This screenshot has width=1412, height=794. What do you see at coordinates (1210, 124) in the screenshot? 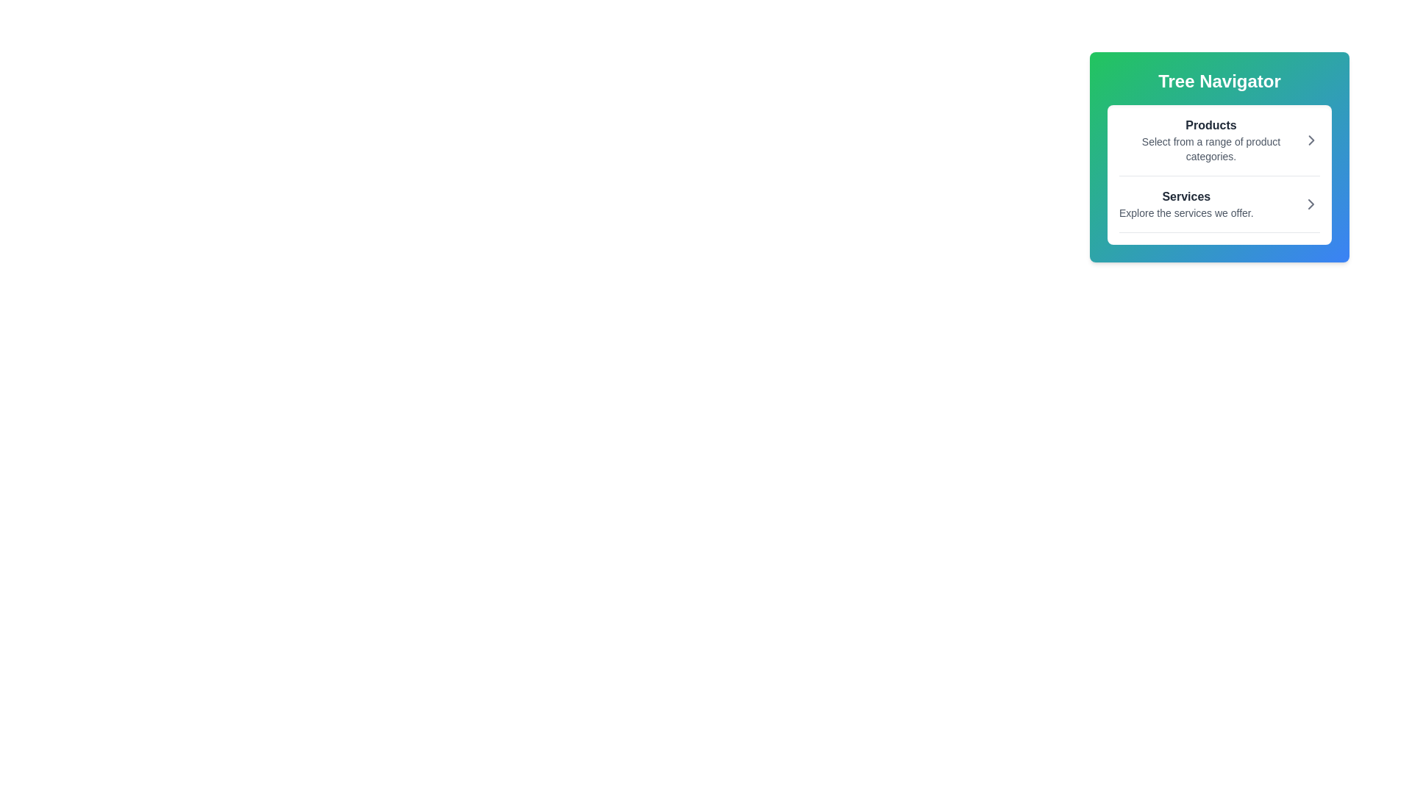
I see `the static text label displaying 'Products' in bold dark gray font, located at the top of the 'Tree Navigator' card` at bounding box center [1210, 124].